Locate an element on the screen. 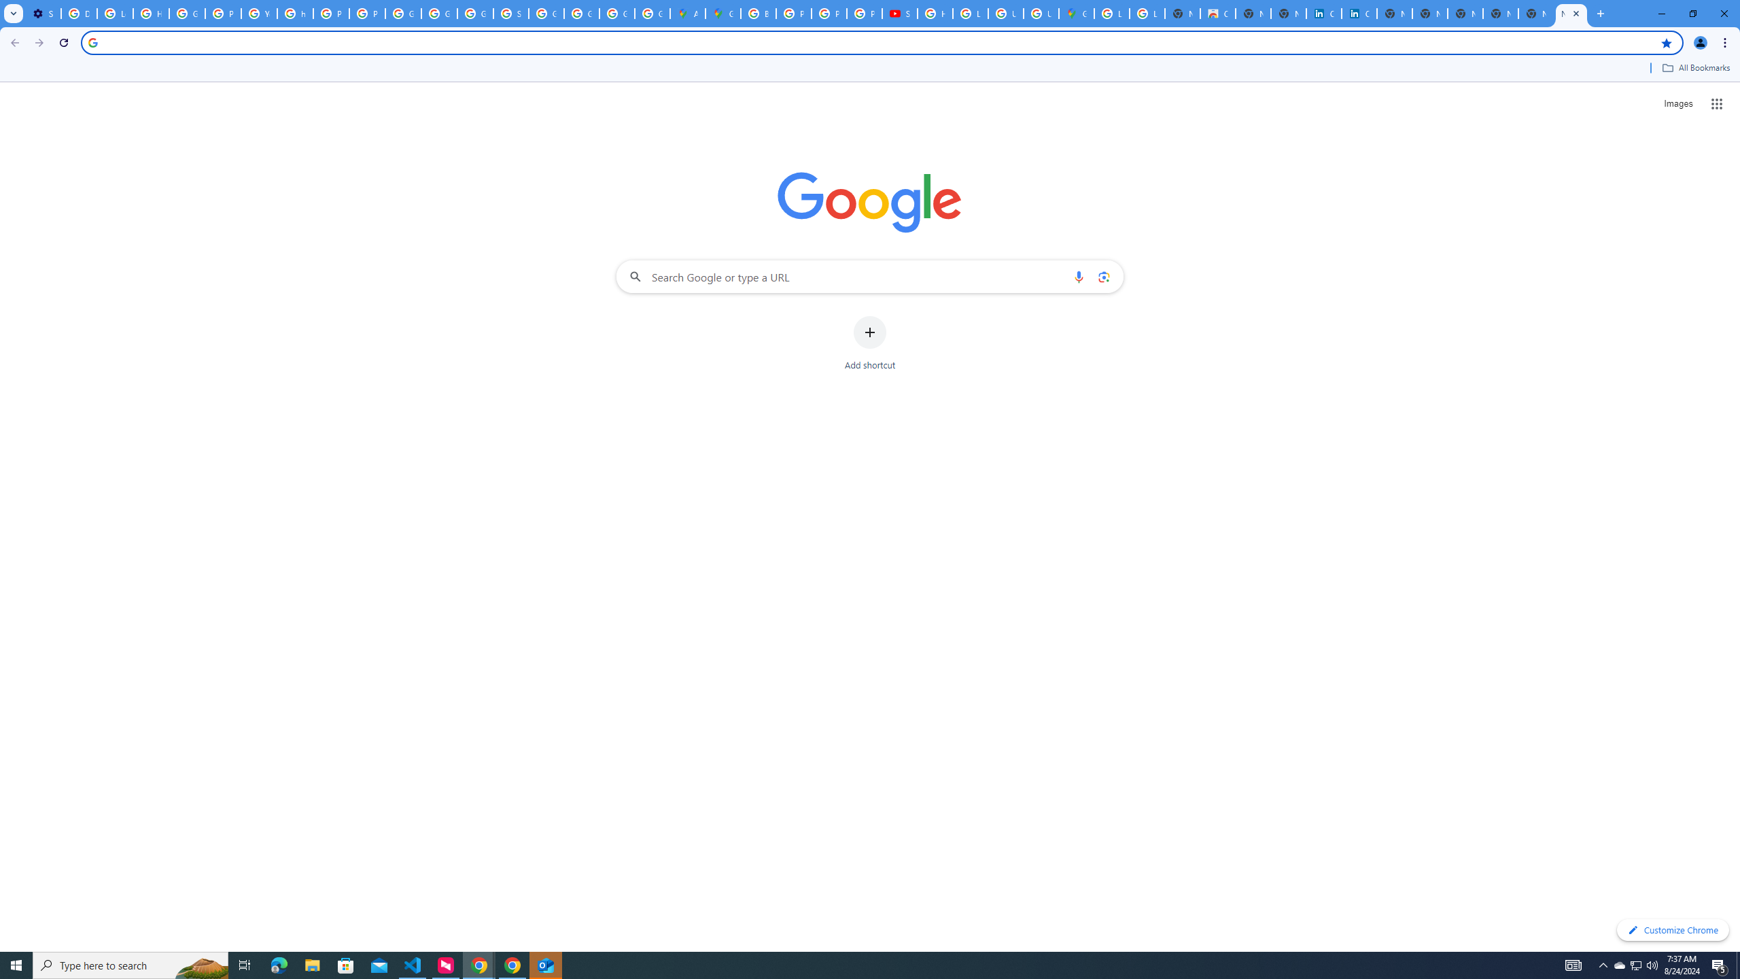 The height and width of the screenshot is (979, 1740). 'Delete photos & videos - Computer - Google Photos Help' is located at coordinates (78, 13).